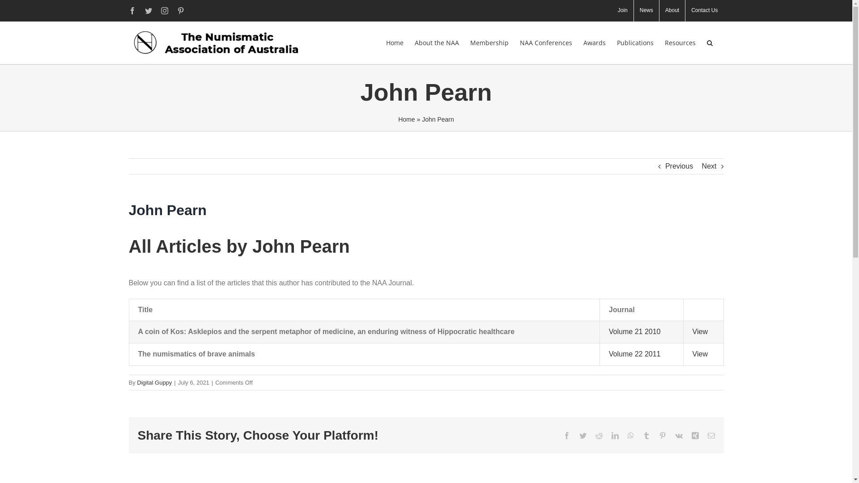  I want to click on 'View', so click(699, 353).